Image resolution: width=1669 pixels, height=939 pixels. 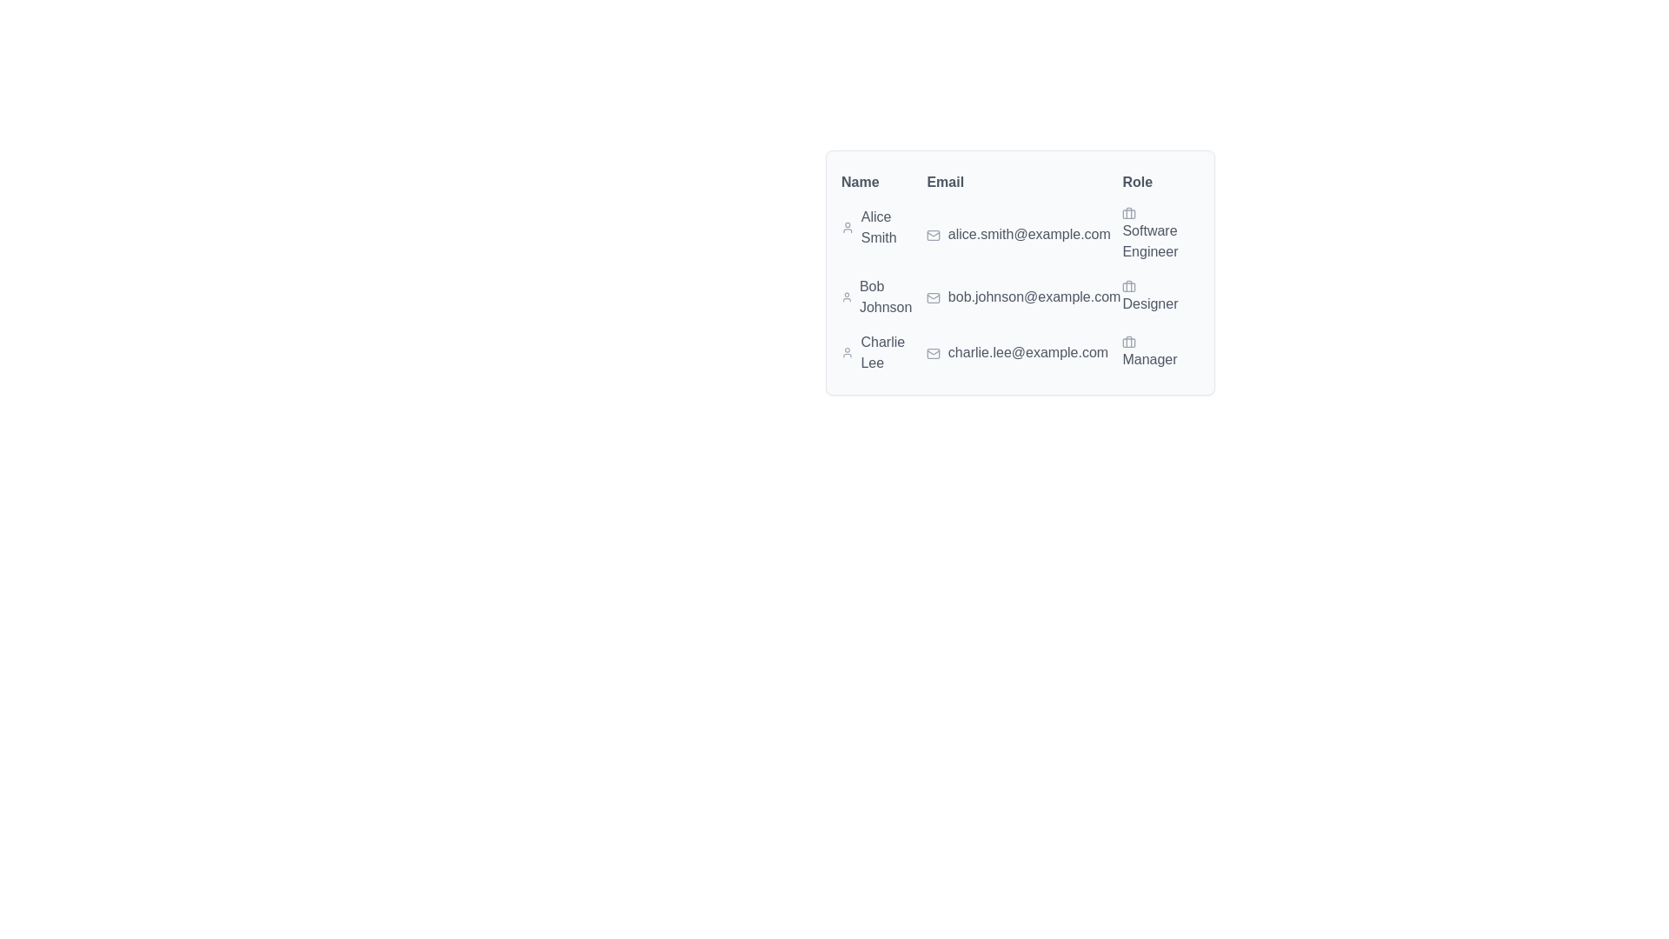 I want to click on the vertical line segment of the icon representing 'Charlie Lee's role in the table under the 'Role' heading, so click(x=1129, y=342).